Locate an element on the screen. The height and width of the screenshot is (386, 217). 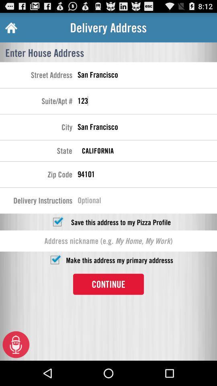
check or uncheck save address is located at coordinates (57, 222).